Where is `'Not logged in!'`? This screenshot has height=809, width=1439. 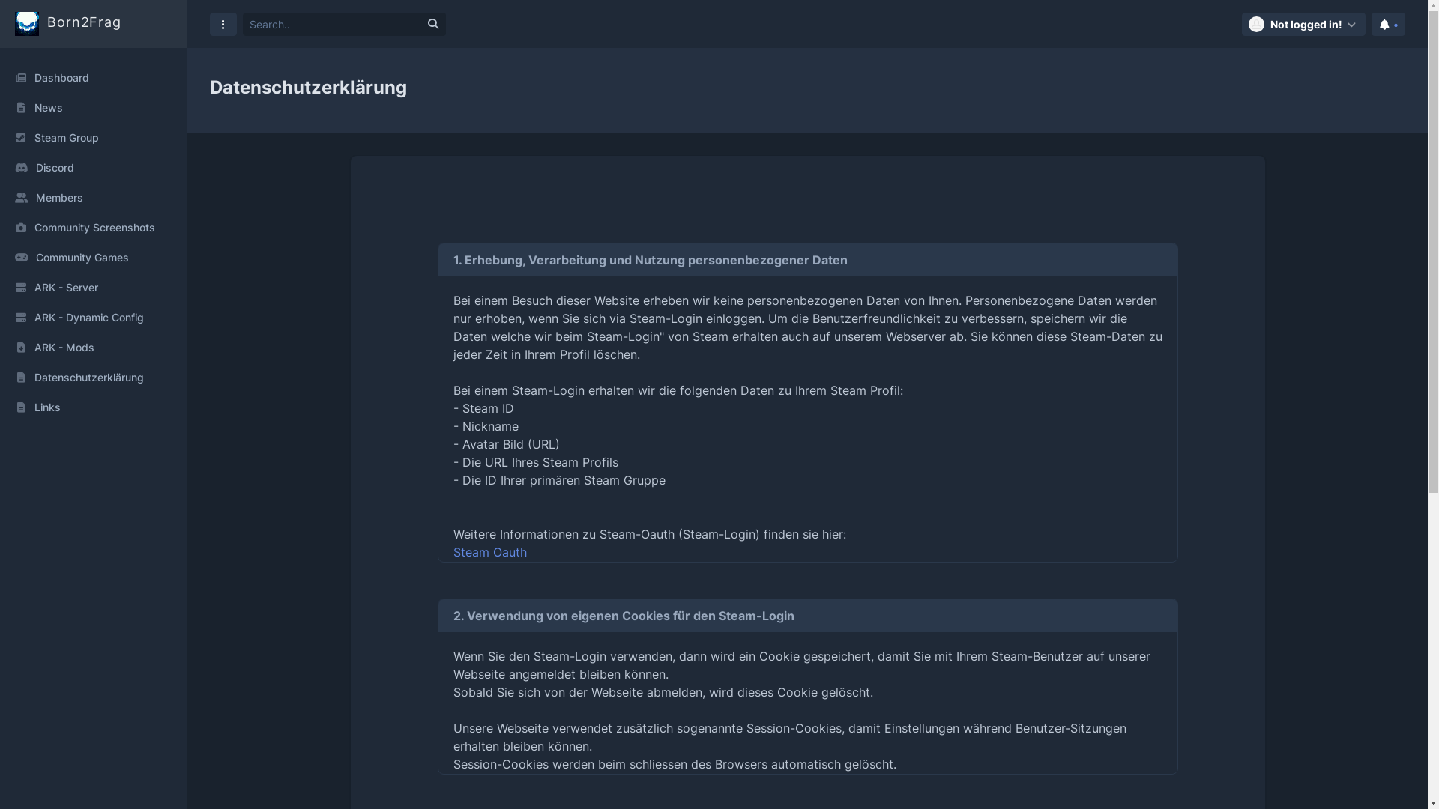
'Not logged in!' is located at coordinates (1303, 23).